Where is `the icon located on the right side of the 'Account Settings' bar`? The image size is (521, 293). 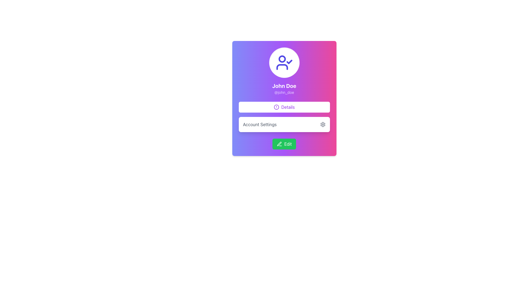 the icon located on the right side of the 'Account Settings' bar is located at coordinates (323, 125).